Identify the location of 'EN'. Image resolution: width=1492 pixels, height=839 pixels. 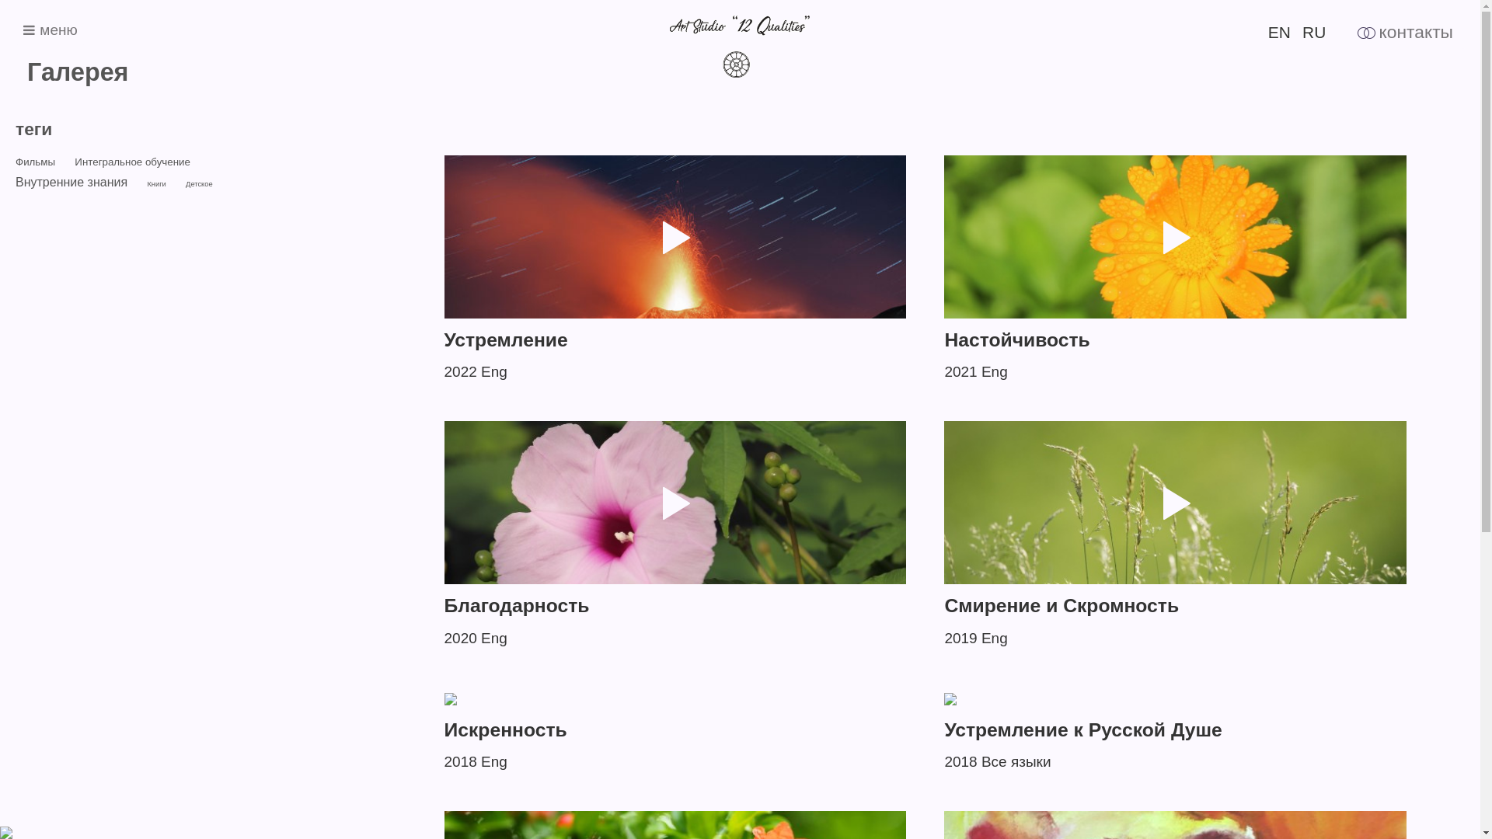
(1279, 32).